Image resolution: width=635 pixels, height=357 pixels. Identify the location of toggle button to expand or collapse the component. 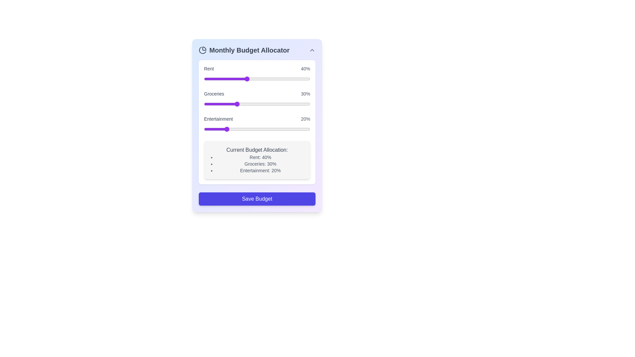
(312, 50).